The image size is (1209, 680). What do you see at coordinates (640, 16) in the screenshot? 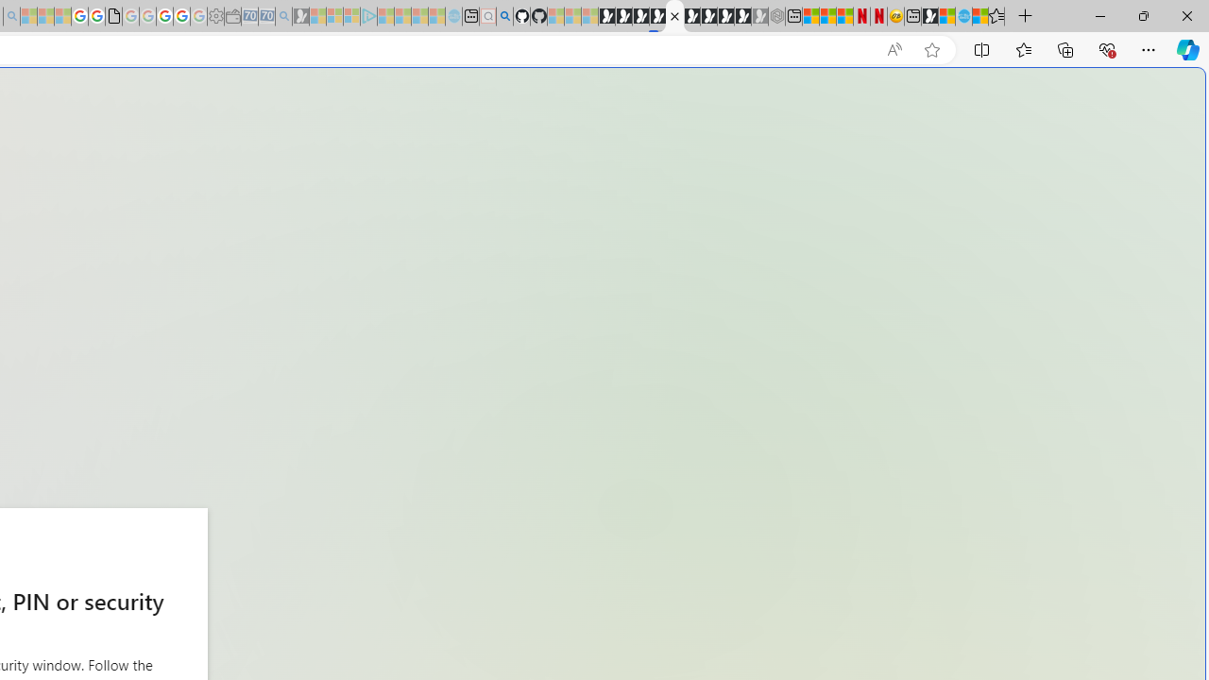
I see `'Play Cave FRVR in your browser | Games from Microsoft Start'` at bounding box center [640, 16].